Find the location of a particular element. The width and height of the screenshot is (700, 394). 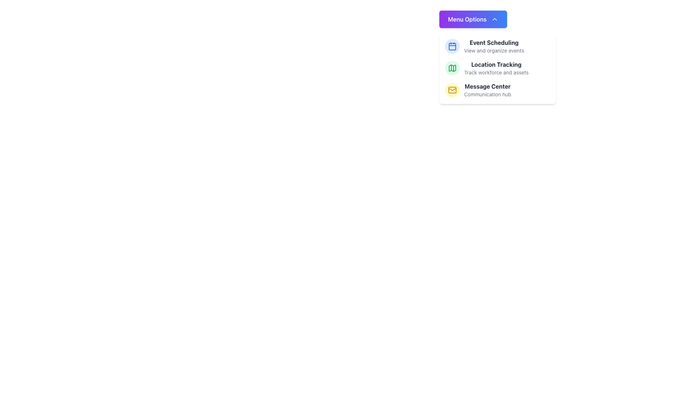

the 'Event Scheduling' menu item, which is the first item in the vertically stacked menu panel under 'Menu Options' is located at coordinates (497, 46).